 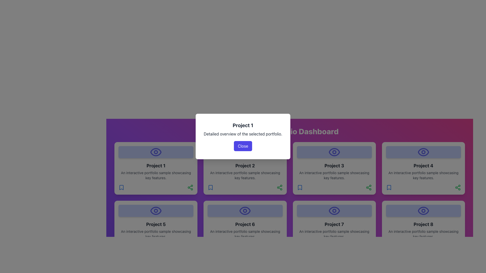 What do you see at coordinates (300, 187) in the screenshot?
I see `the active bookmark icon with a gray outline and solid fill located in the third card from the left in the top row of the grid layout` at bounding box center [300, 187].